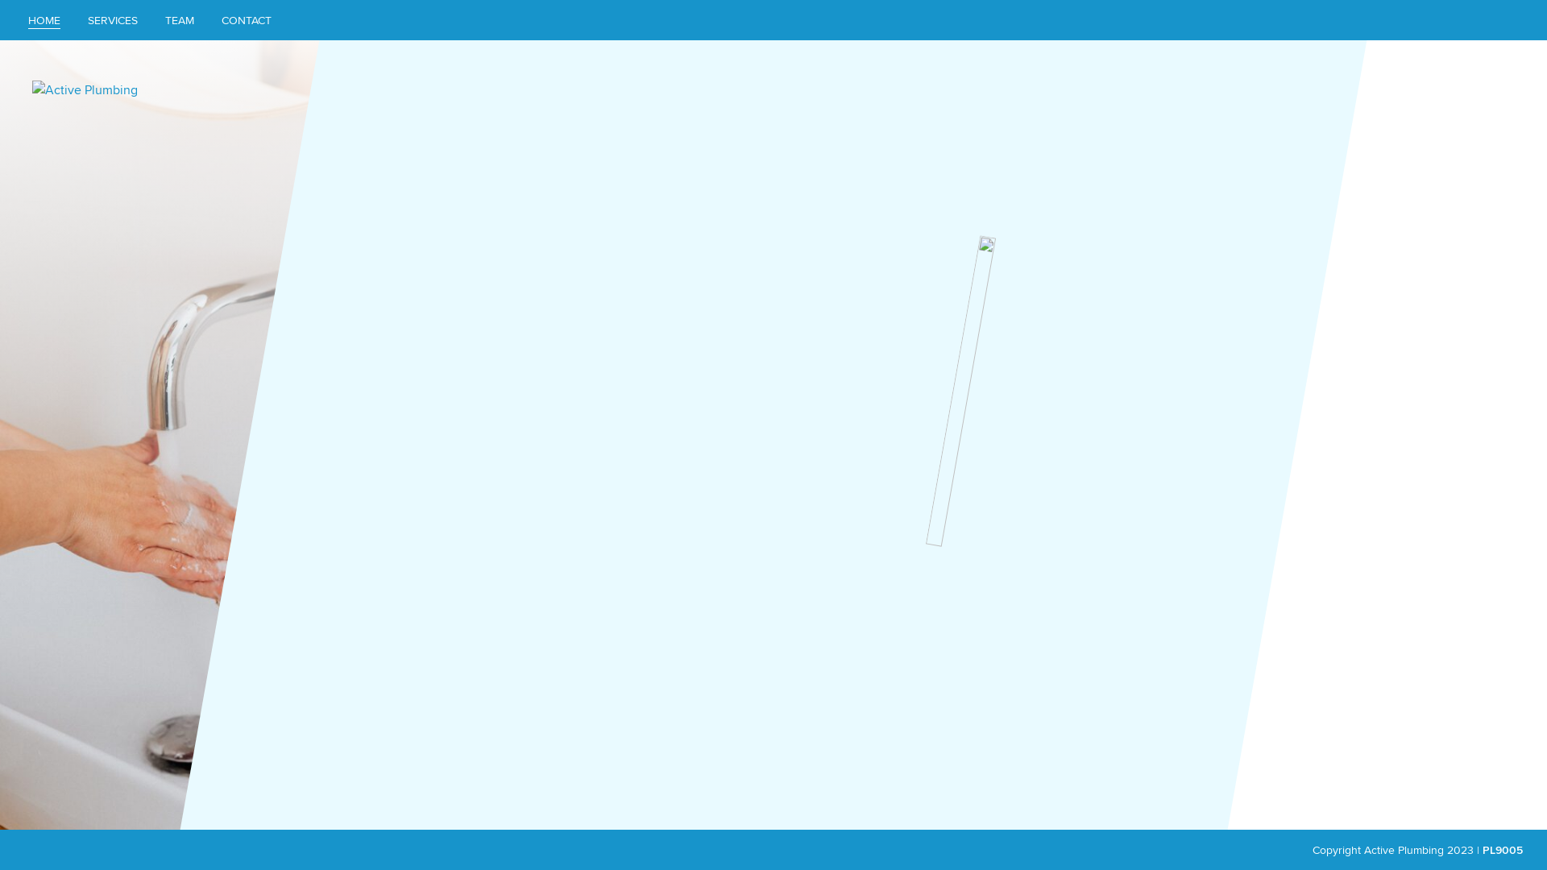 This screenshot has width=1547, height=870. Describe the element at coordinates (208, 19) in the screenshot. I see `'CONTACT'` at that location.